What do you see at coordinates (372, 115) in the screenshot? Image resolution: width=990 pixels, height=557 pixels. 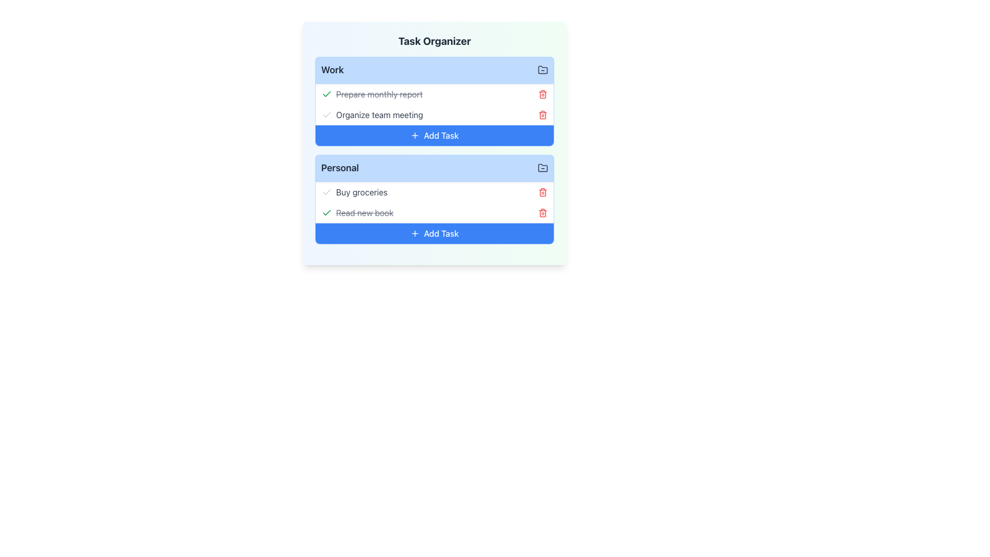 I see `the second task item in the 'Work' section of the 'Task Organizer' application for editing` at bounding box center [372, 115].